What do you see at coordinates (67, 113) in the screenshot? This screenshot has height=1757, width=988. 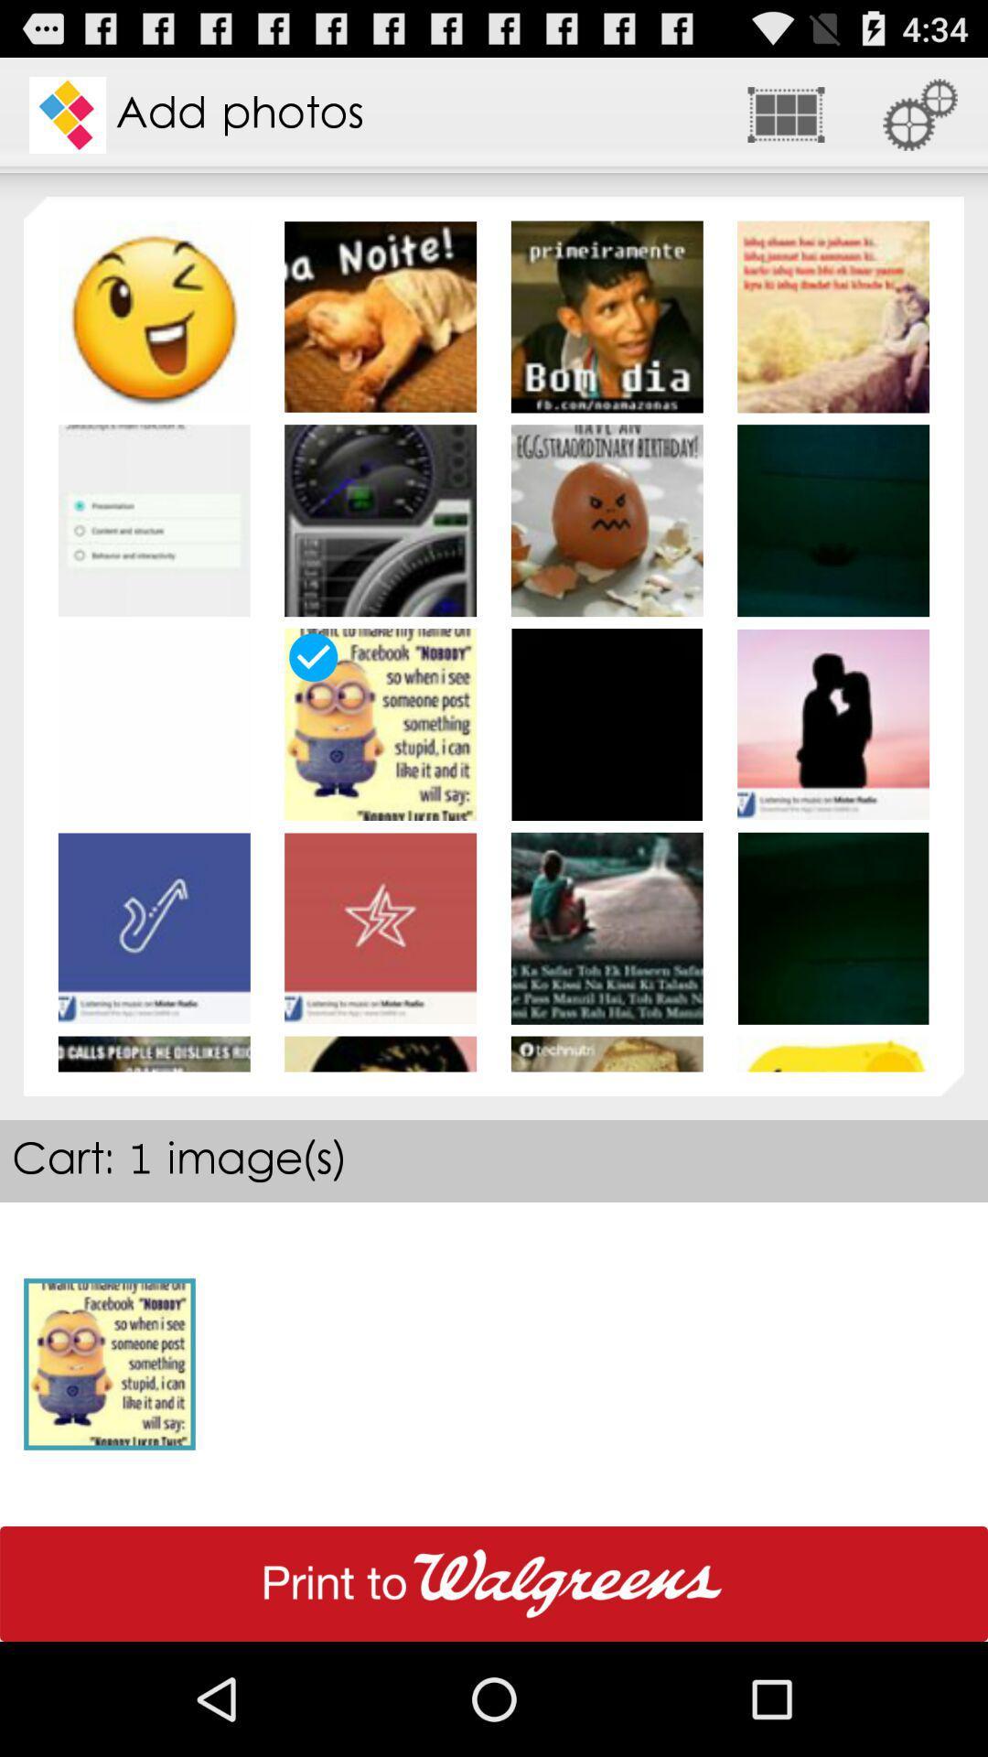 I see `icon before add photos heading of the page` at bounding box center [67, 113].